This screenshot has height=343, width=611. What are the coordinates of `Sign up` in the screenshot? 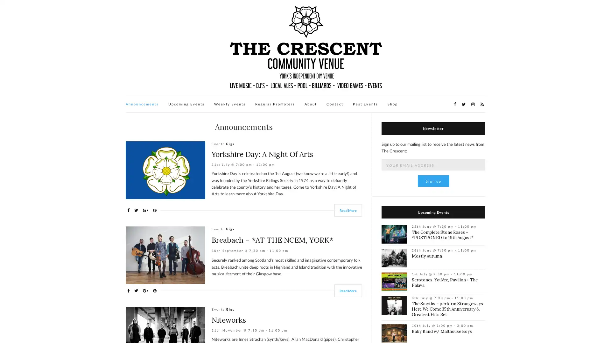 It's located at (433, 181).